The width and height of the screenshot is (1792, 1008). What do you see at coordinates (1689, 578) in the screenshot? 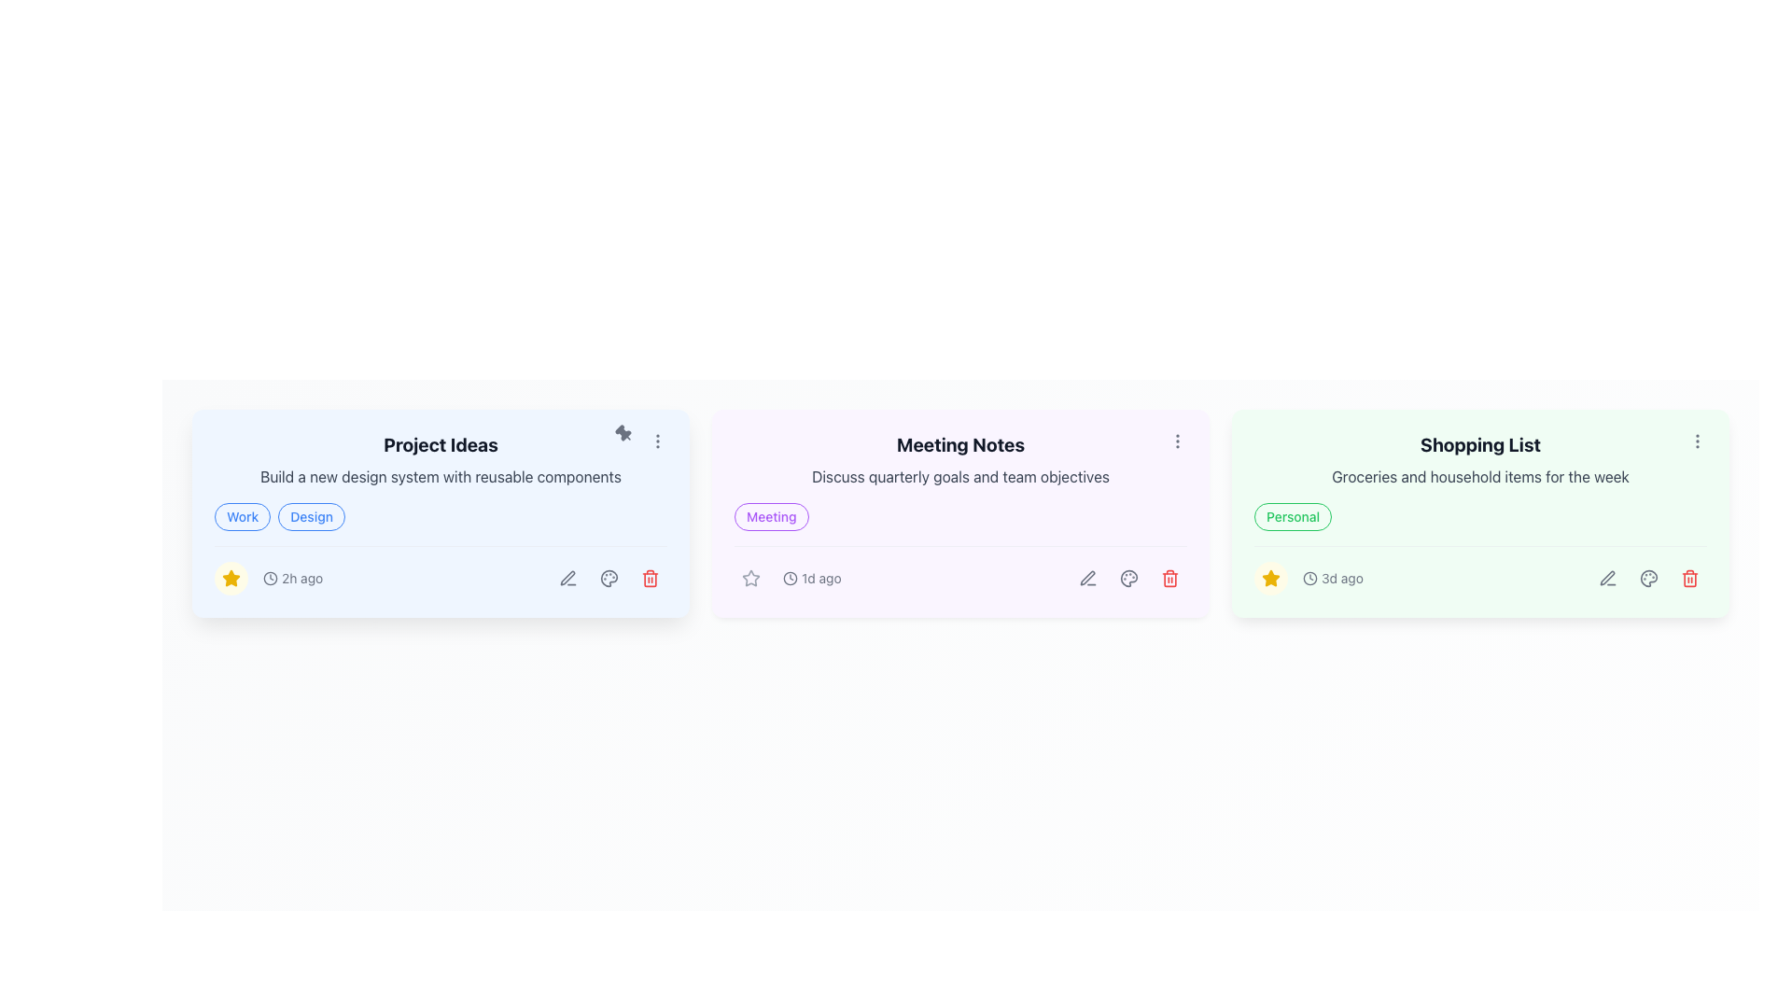
I see `the red trash can icon located in the lower-right corner of the 'Shopping List' card` at bounding box center [1689, 578].